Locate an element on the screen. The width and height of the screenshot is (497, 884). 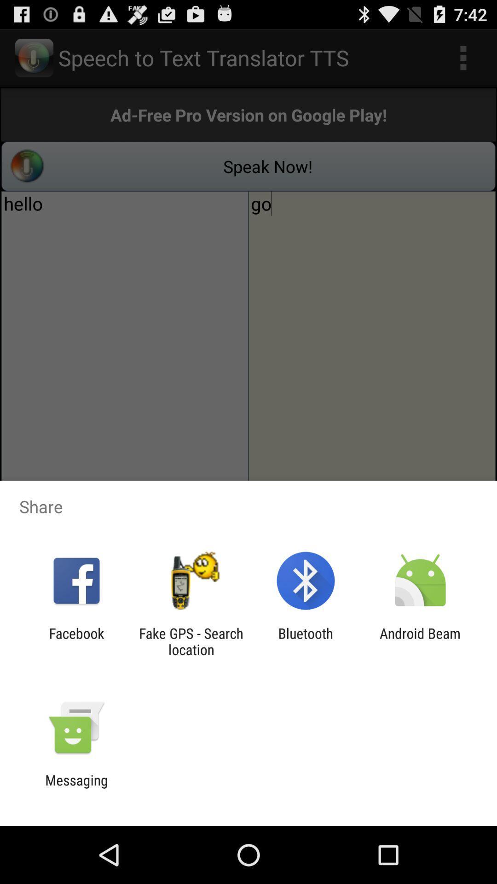
app at the bottom right corner is located at coordinates (420, 641).